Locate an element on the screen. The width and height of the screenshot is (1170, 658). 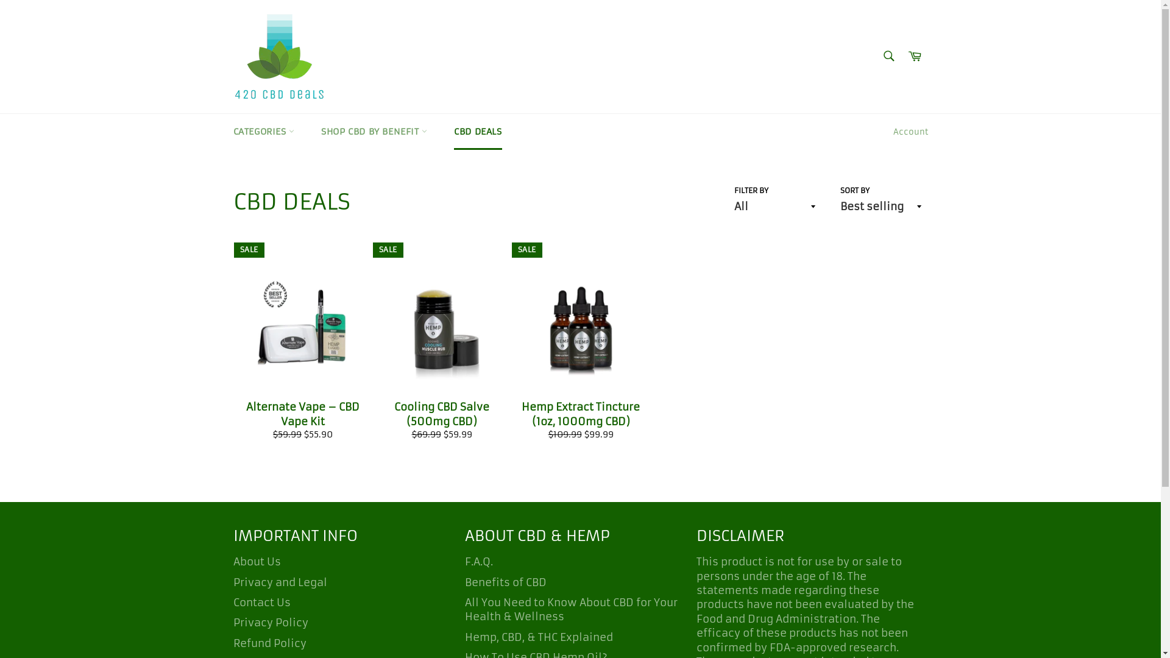
'Cart' is located at coordinates (915, 56).